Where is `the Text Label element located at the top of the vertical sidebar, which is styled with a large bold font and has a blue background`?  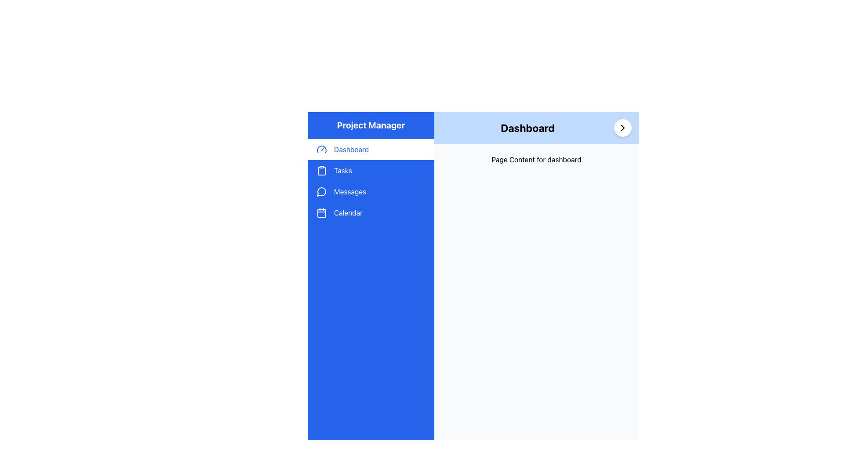 the Text Label element located at the top of the vertical sidebar, which is styled with a large bold font and has a blue background is located at coordinates (371, 125).